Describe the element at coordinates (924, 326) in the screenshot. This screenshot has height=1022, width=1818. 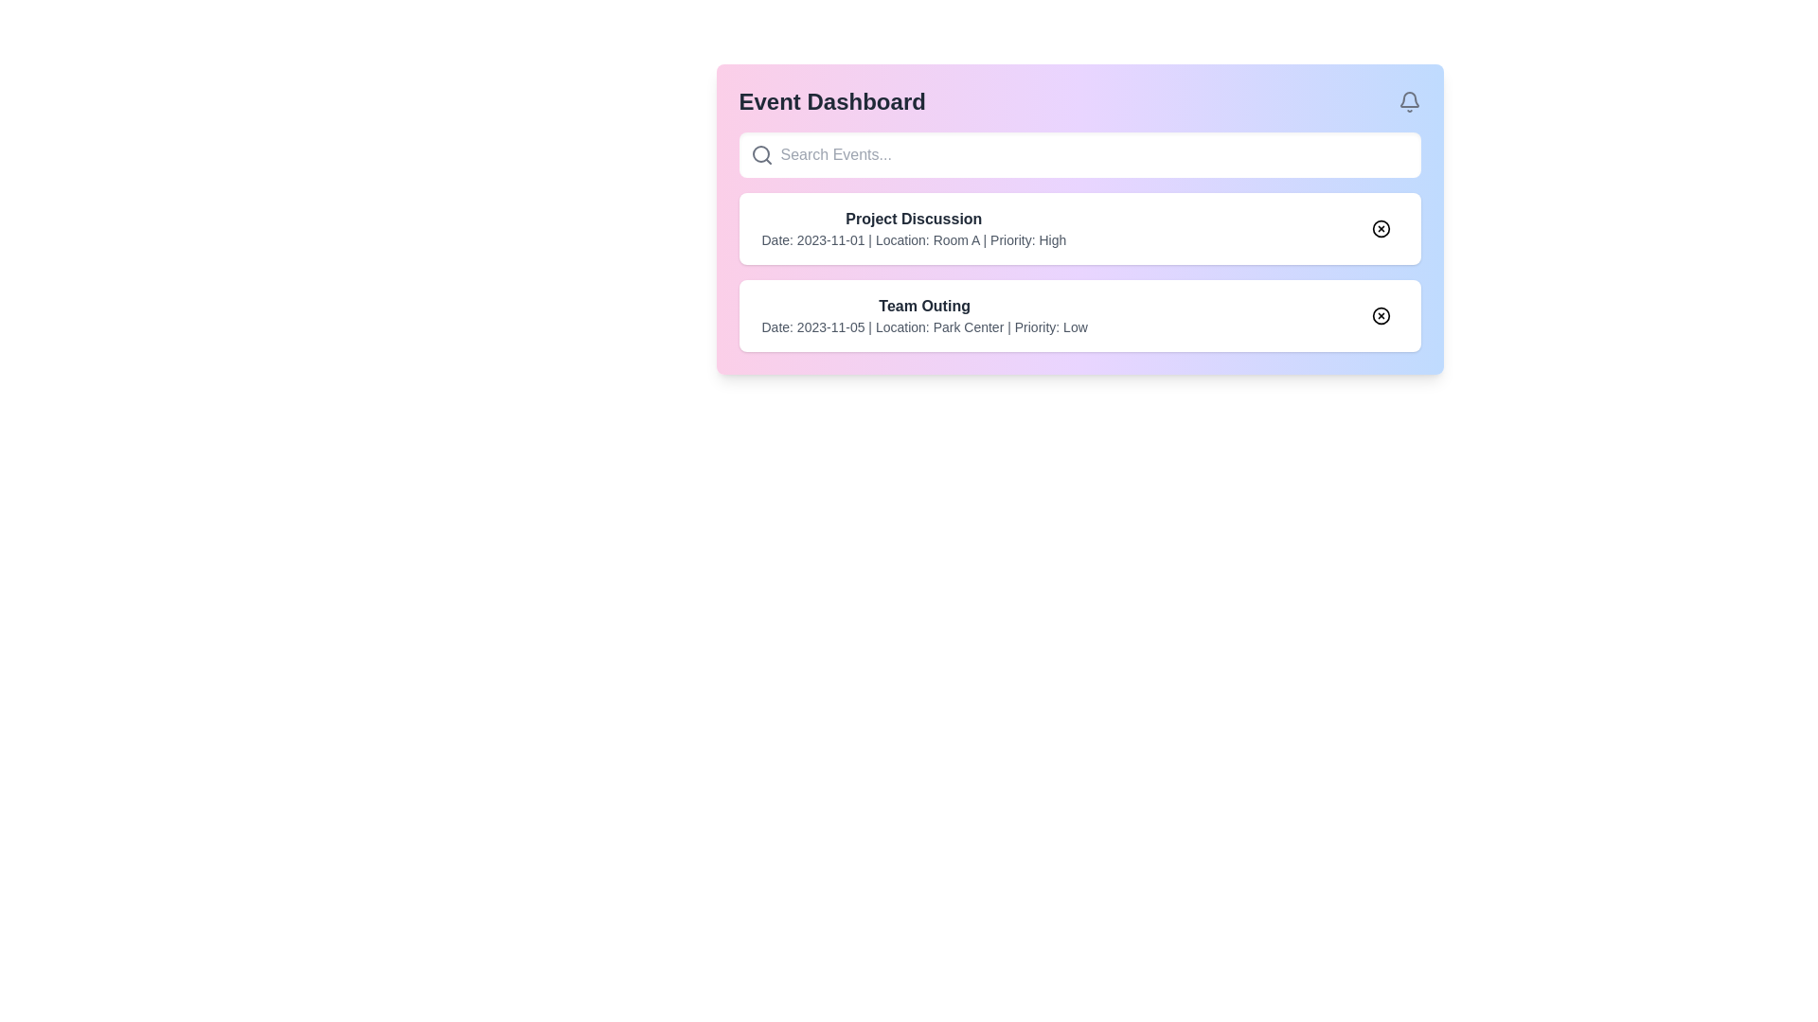
I see `the static text that provides details about the event, positioned below the 'Team Outing' header in the second event card` at that location.